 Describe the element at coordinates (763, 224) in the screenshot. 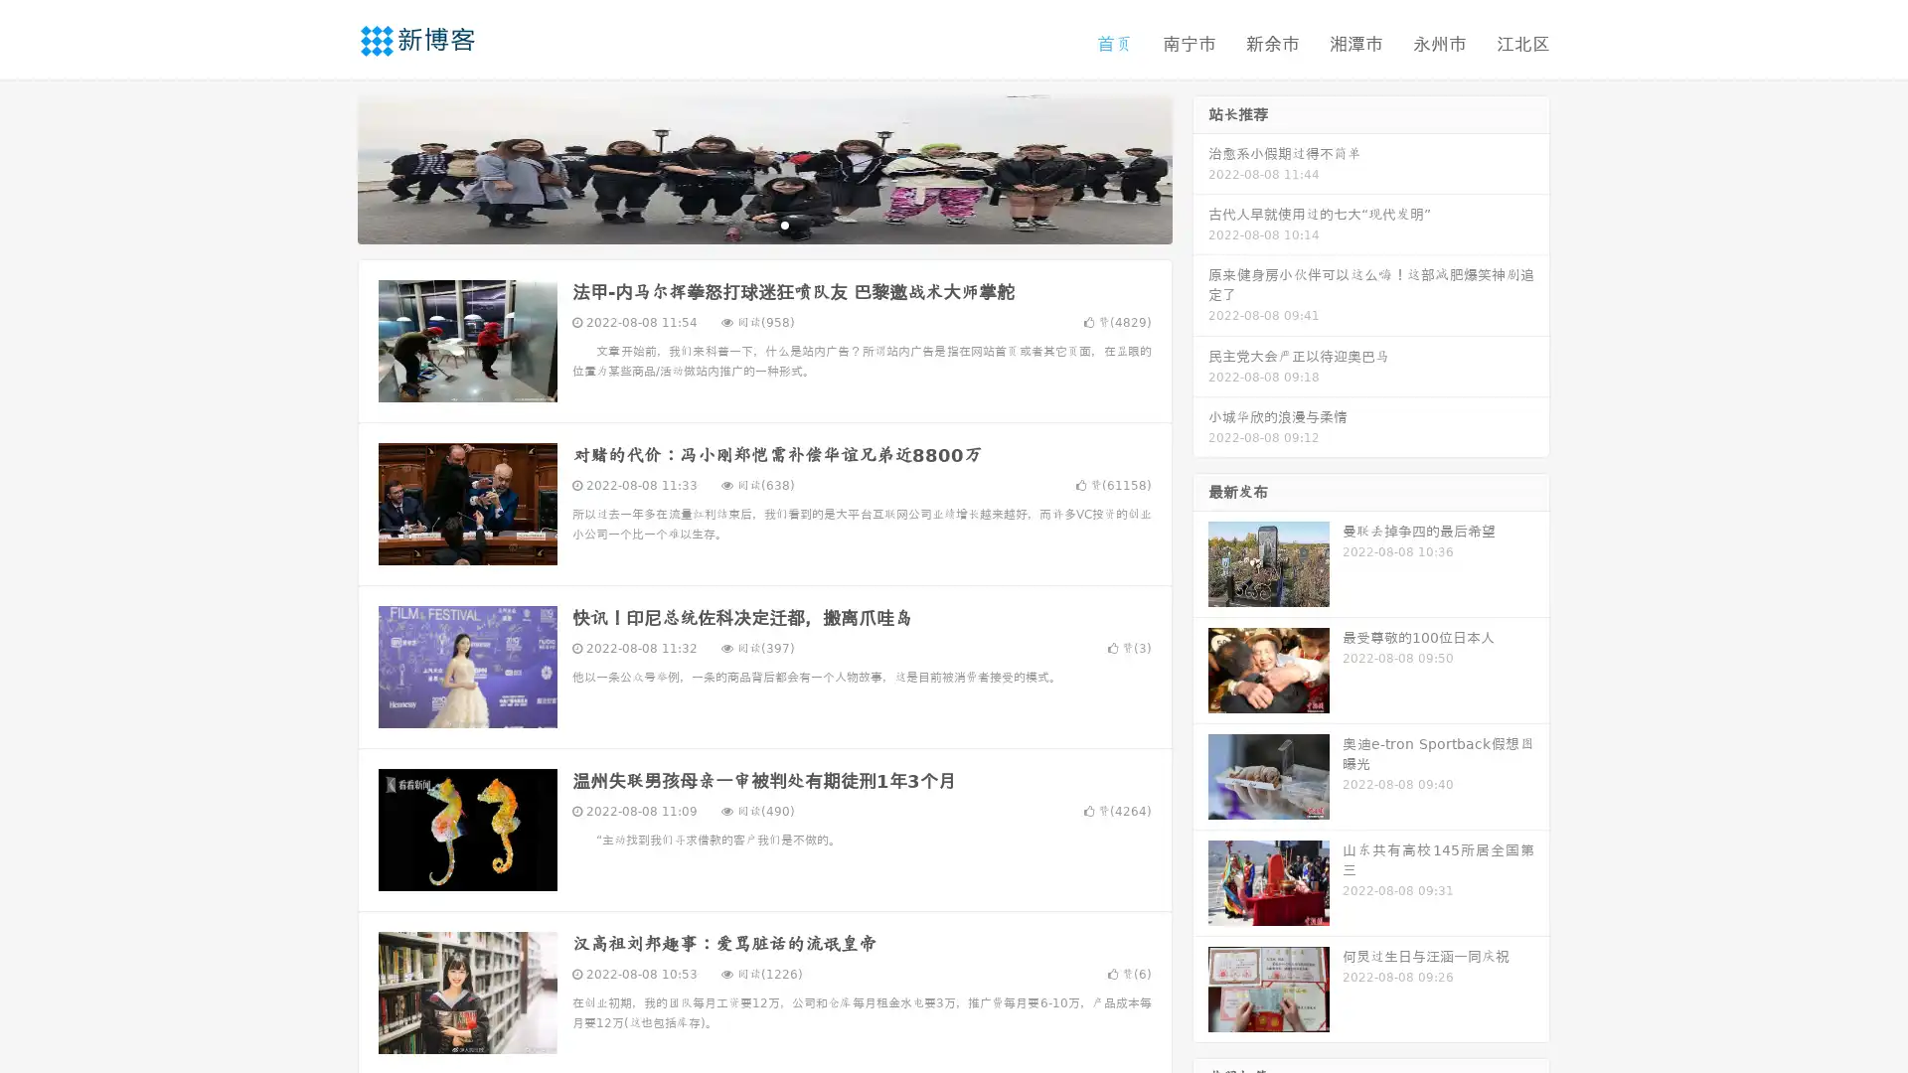

I see `Go to slide 2` at that location.